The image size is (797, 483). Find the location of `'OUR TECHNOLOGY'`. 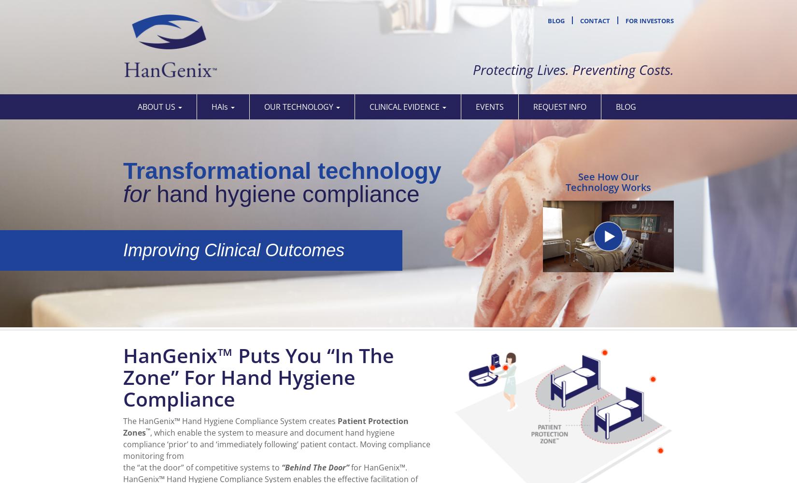

'OUR TECHNOLOGY' is located at coordinates (299, 106).